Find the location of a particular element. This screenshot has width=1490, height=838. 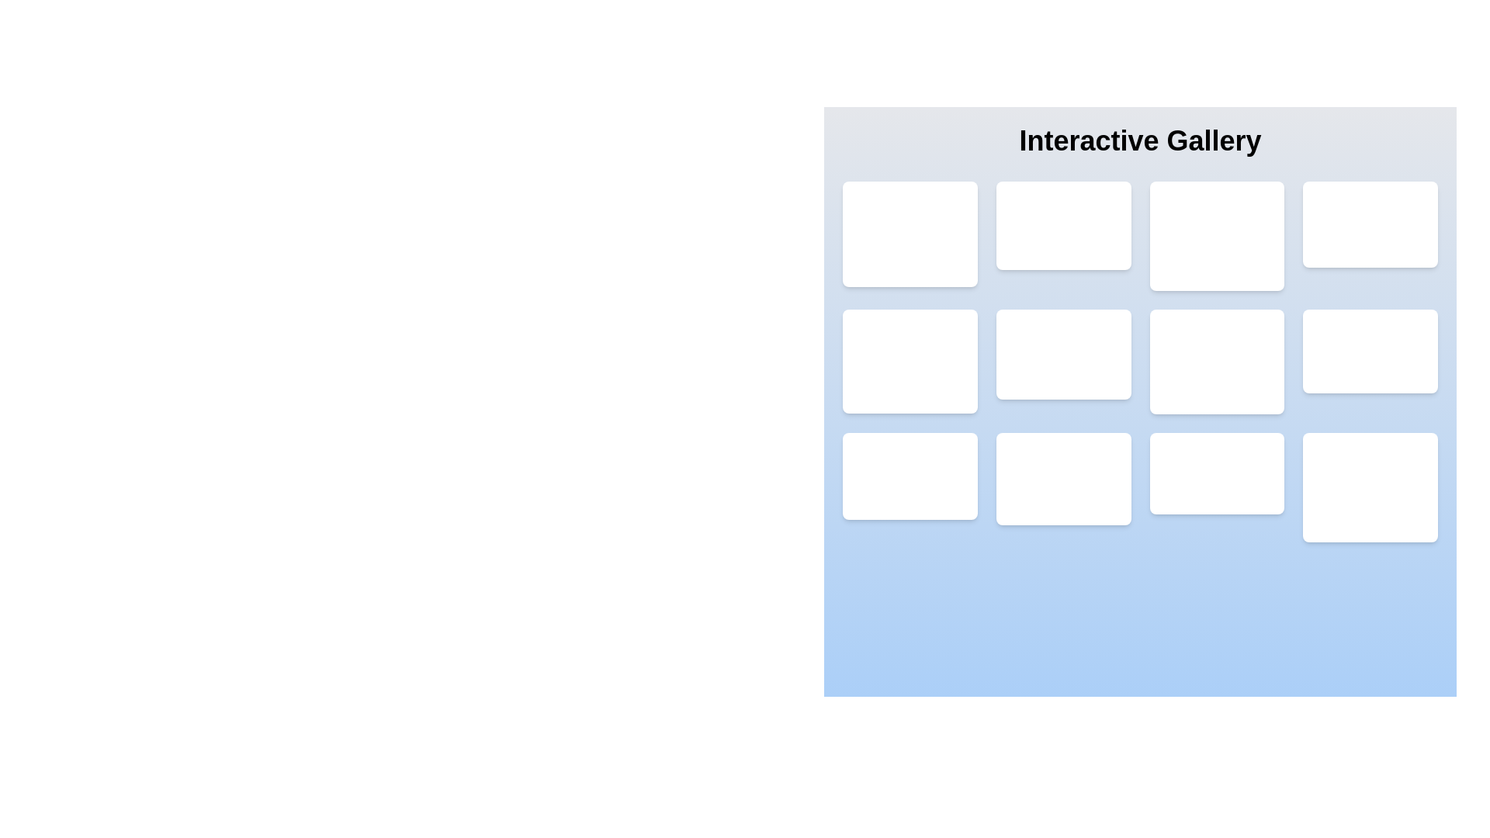

the white card labeled 'Artwork #5' which is positioned in the second row and first column of the 4x3 grid layout in the 'Interactive Gallery' is located at coordinates (910, 362).